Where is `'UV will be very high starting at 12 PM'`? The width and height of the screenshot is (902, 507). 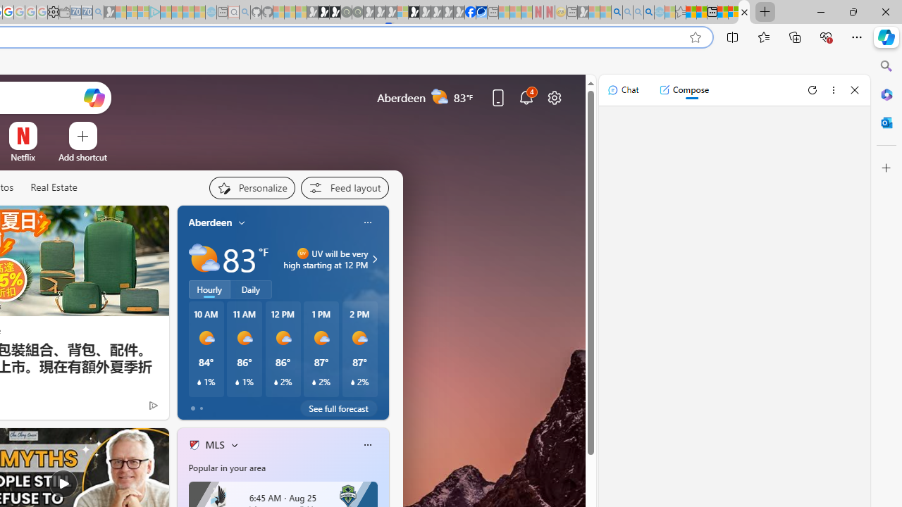
'UV will be very high starting at 12 PM' is located at coordinates (373, 258).